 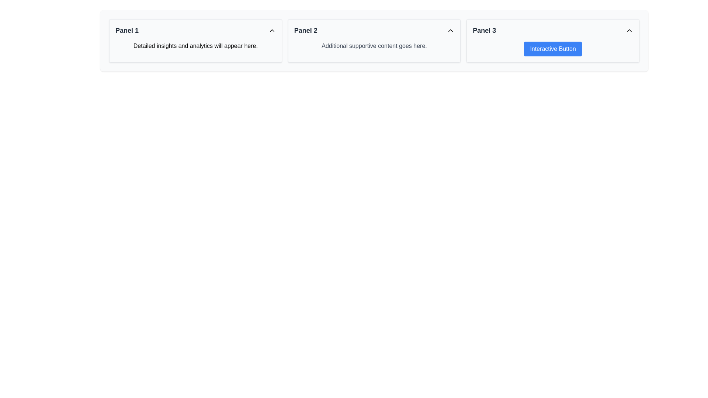 I want to click on the upward chevron icon located at the rightmost part of the panel header labeled 'Panel 3', so click(x=629, y=30).